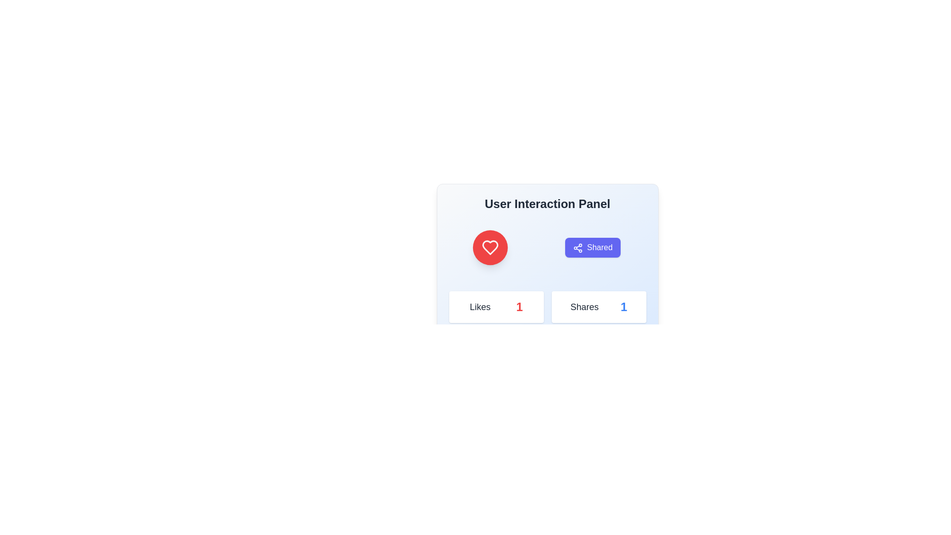 This screenshot has height=535, width=951. Describe the element at coordinates (547, 204) in the screenshot. I see `the Text element at the top of the panel, which serves as its title or header, to describe the content or purpose of the panel` at that location.